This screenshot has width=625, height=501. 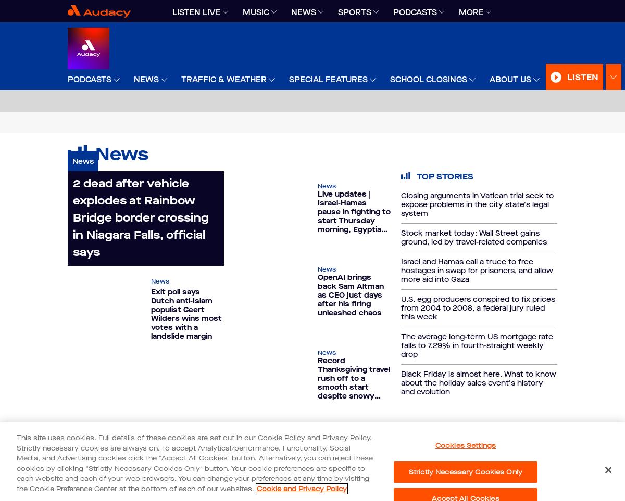 What do you see at coordinates (355, 11) in the screenshot?
I see `'sports'` at bounding box center [355, 11].